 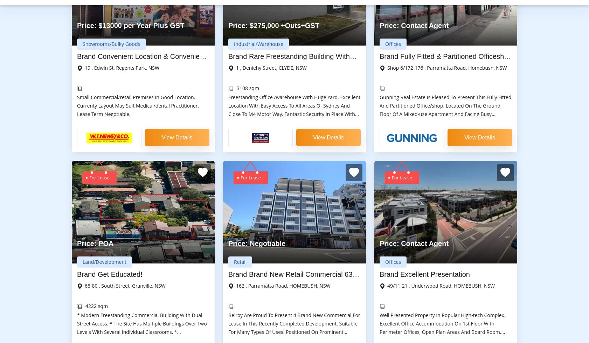 I want to click on 'Commercial Real Estate Melbourne', so click(x=71, y=212).